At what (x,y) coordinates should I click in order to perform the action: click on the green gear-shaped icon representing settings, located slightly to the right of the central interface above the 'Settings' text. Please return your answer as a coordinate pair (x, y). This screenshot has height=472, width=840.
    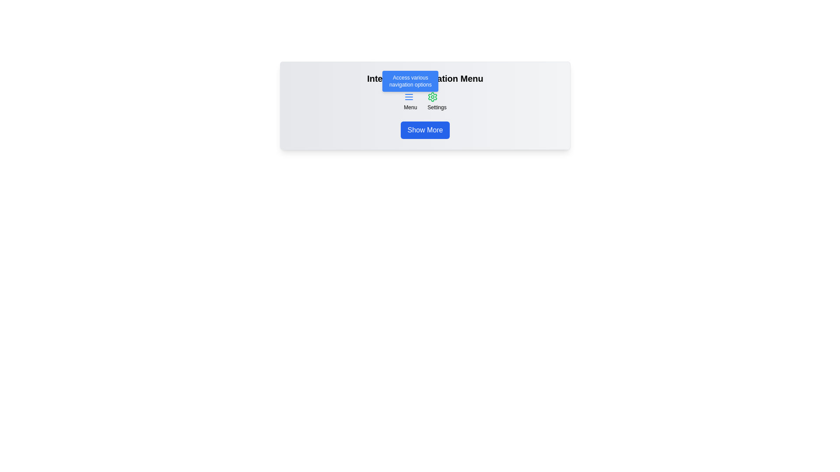
    Looking at the image, I should click on (433, 97).